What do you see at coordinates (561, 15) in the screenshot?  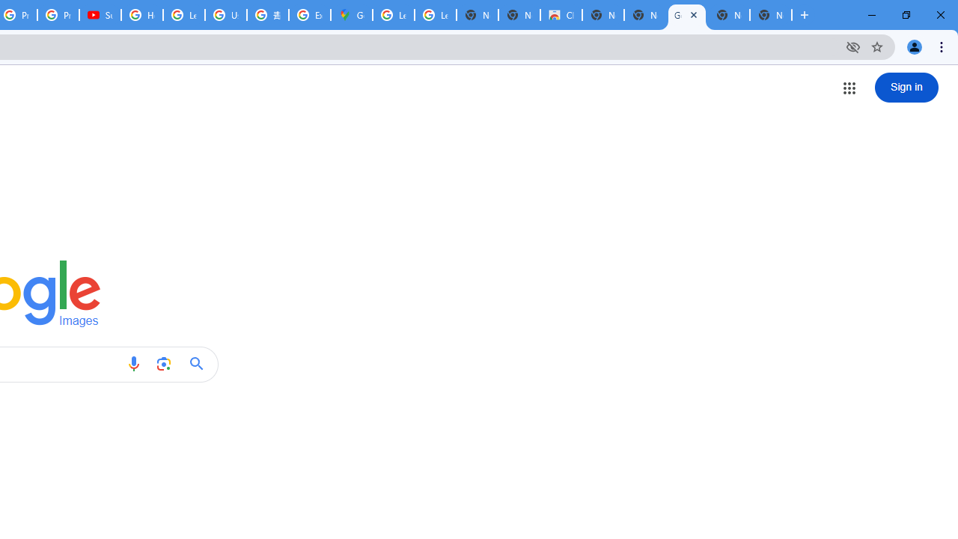 I see `'Chrome Web Store'` at bounding box center [561, 15].